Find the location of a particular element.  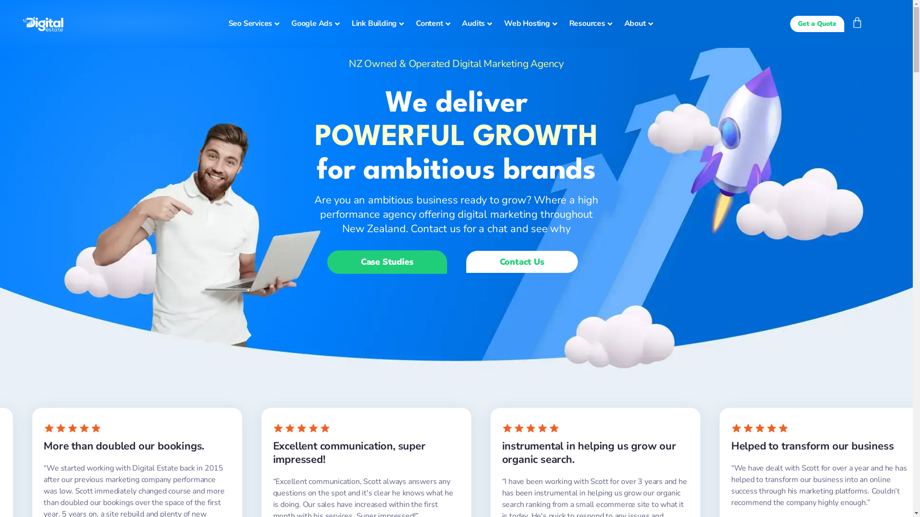

'Contact Us' is located at coordinates (521, 262).